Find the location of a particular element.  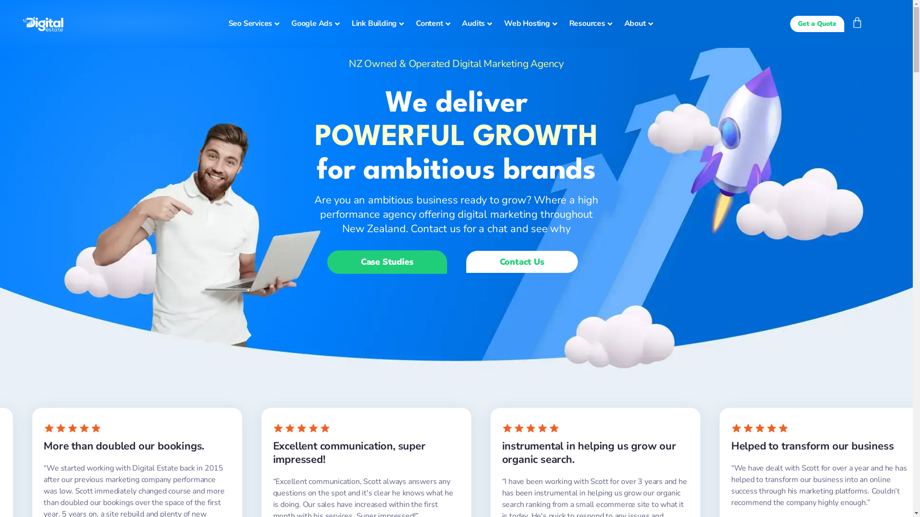

'Contact Us' is located at coordinates (521, 262).